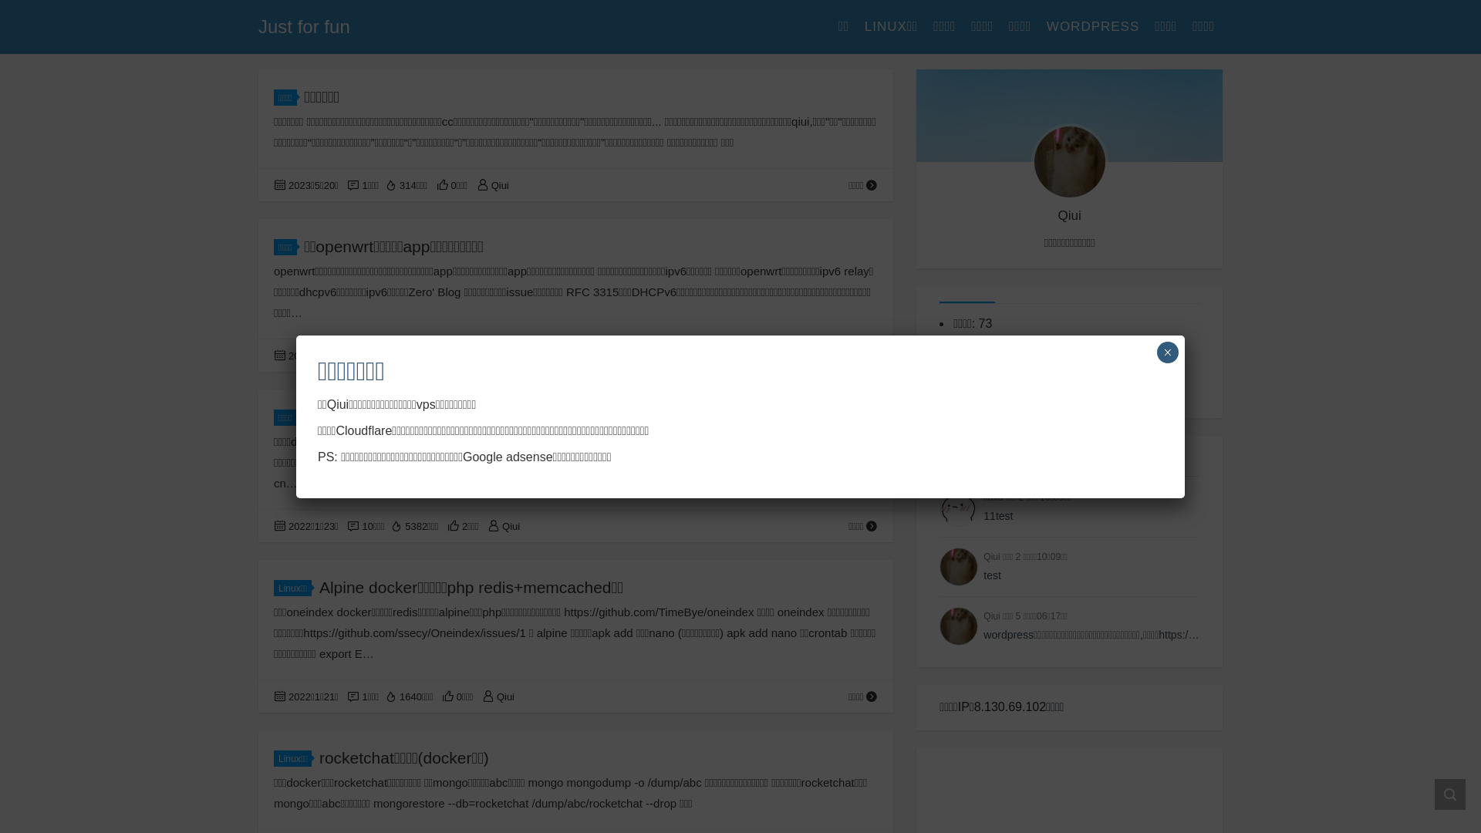 The image size is (1481, 833). Describe the element at coordinates (1091, 26) in the screenshot. I see `'WORDPRESS'` at that location.